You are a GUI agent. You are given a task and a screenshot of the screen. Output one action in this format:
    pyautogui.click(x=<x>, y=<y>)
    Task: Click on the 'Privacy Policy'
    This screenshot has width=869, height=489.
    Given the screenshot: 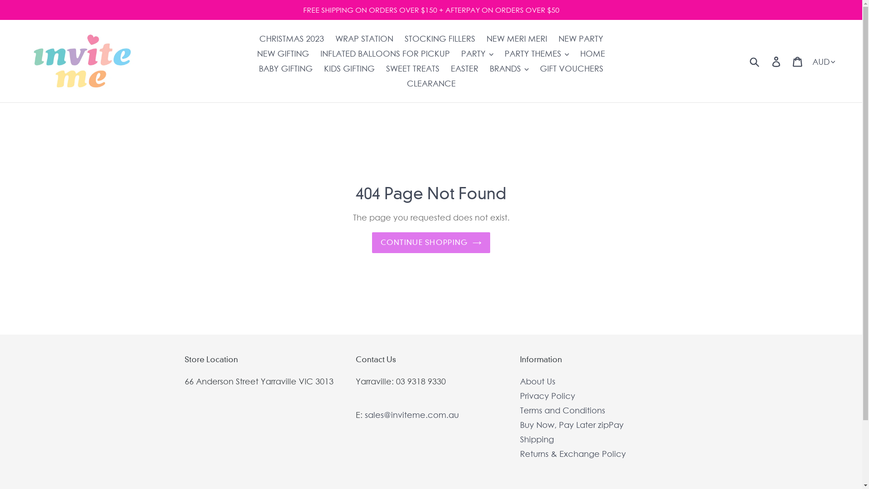 What is the action you would take?
    pyautogui.click(x=547, y=395)
    